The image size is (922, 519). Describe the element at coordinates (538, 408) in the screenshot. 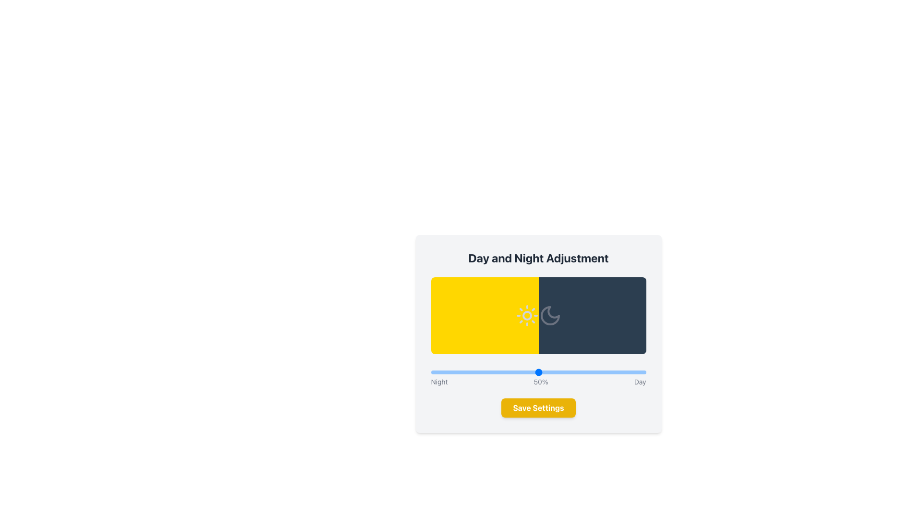

I see `the 'Save Settings' button with a yellow background and white bold text, to interact` at that location.